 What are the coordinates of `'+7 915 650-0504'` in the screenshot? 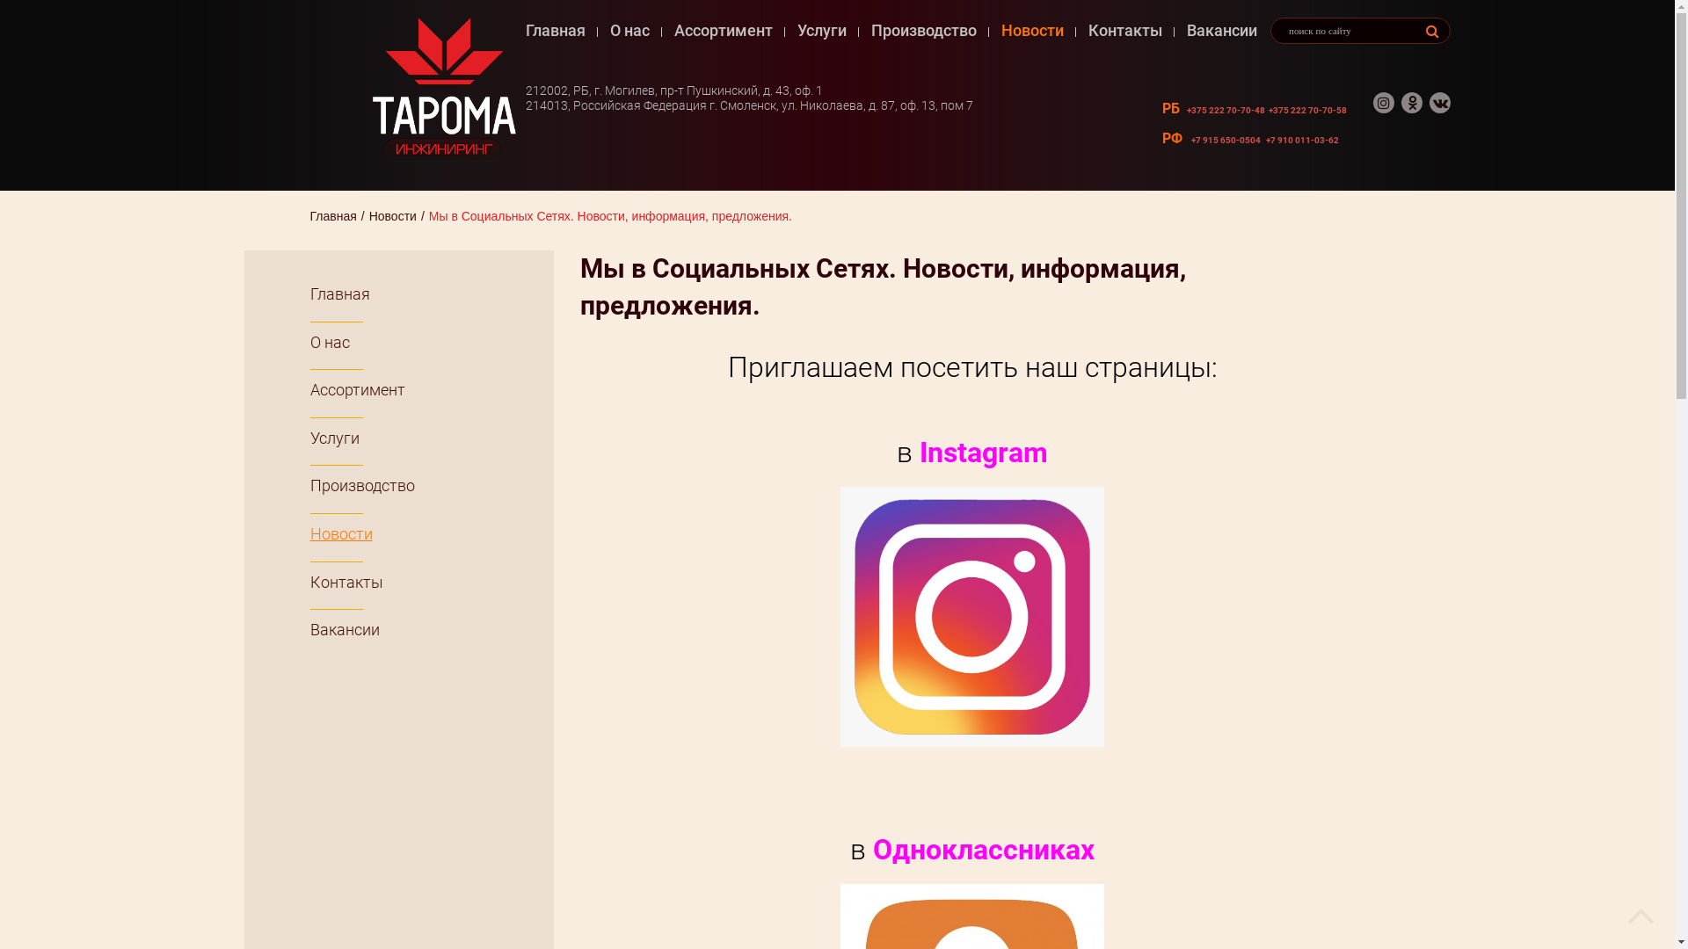 It's located at (1225, 139).